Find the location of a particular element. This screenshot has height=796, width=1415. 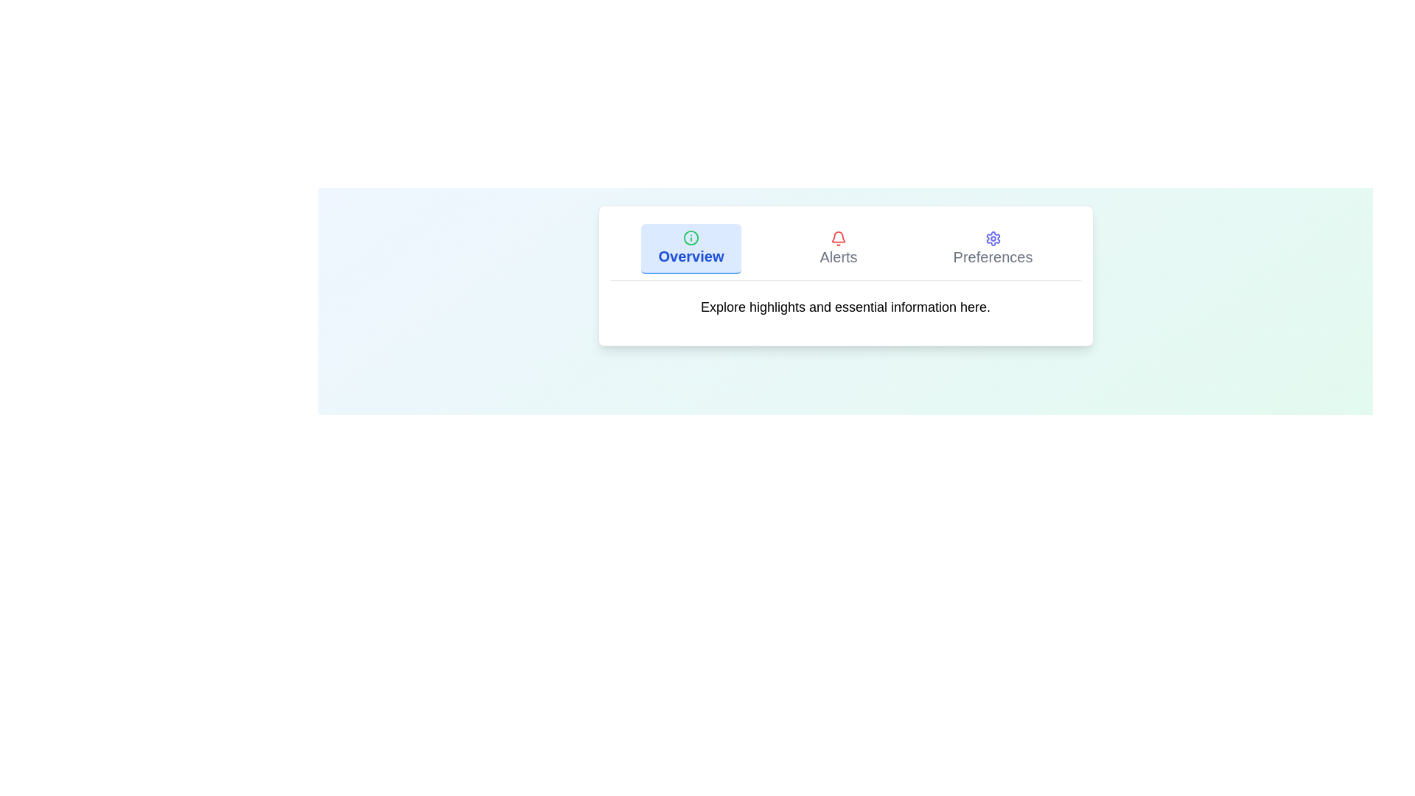

the Preferences tab by clicking on its button is located at coordinates (993, 248).